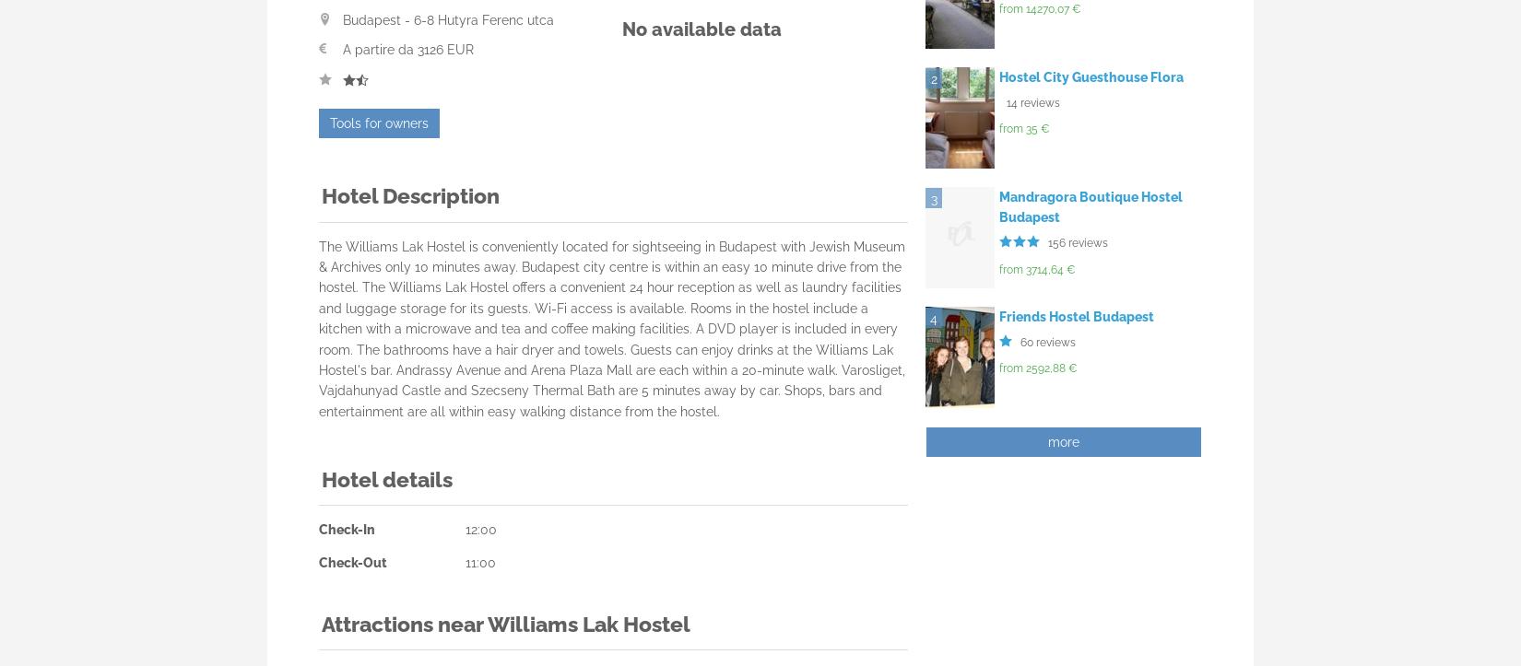 The image size is (1521, 666). Describe the element at coordinates (999, 76) in the screenshot. I see `'Hostel City Guesthouse Flora'` at that location.